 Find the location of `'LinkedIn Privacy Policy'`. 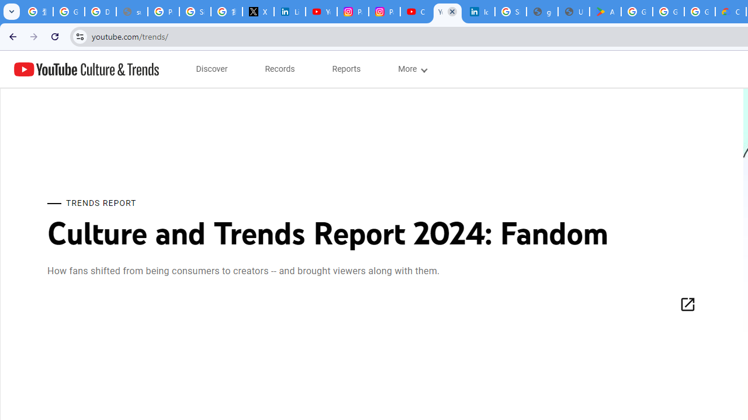

'LinkedIn Privacy Policy' is located at coordinates (290, 12).